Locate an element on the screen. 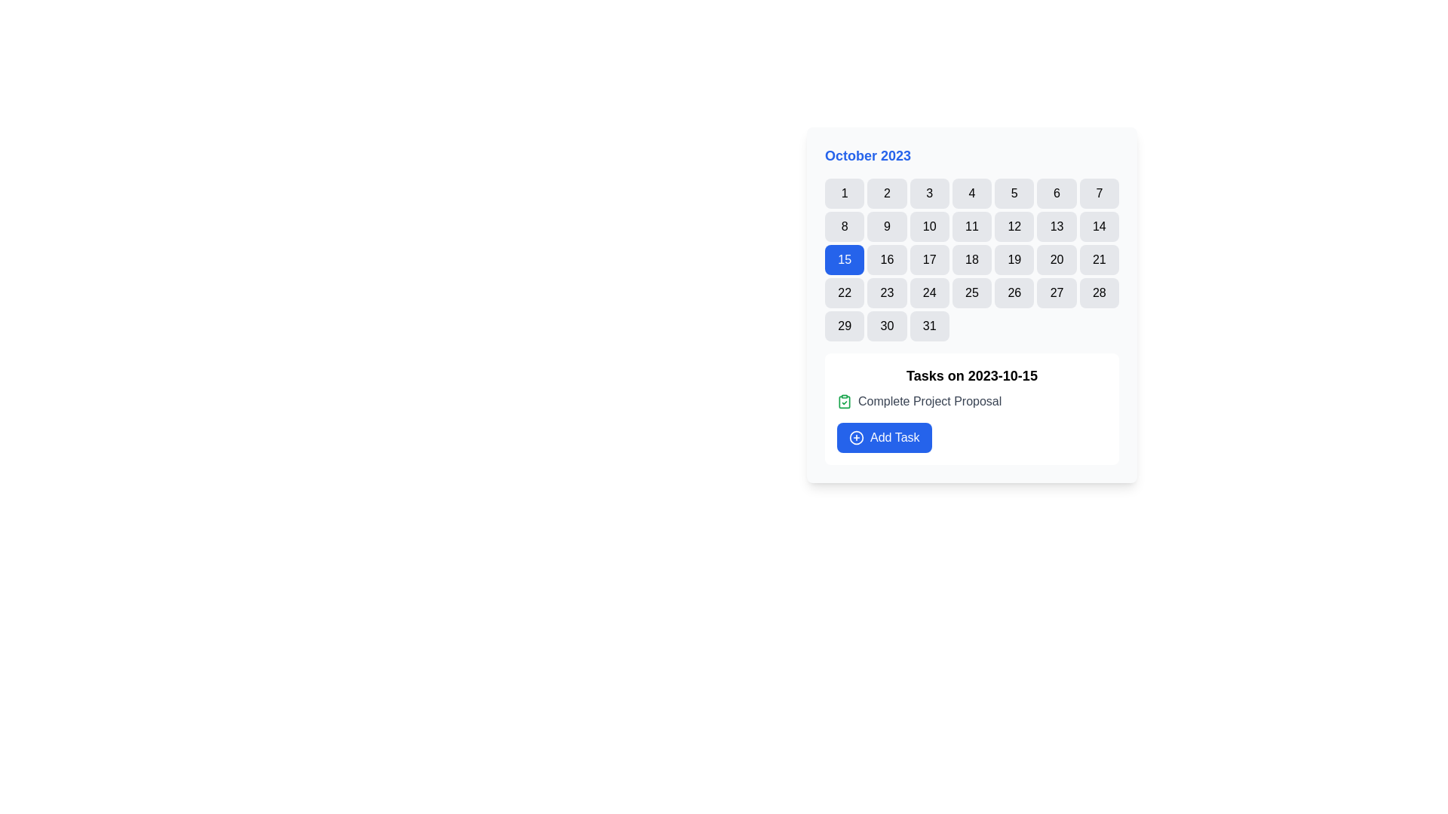 The image size is (1448, 814). the button displaying '11' in the calendar grid by navigating via keyboard is located at coordinates (971, 226).